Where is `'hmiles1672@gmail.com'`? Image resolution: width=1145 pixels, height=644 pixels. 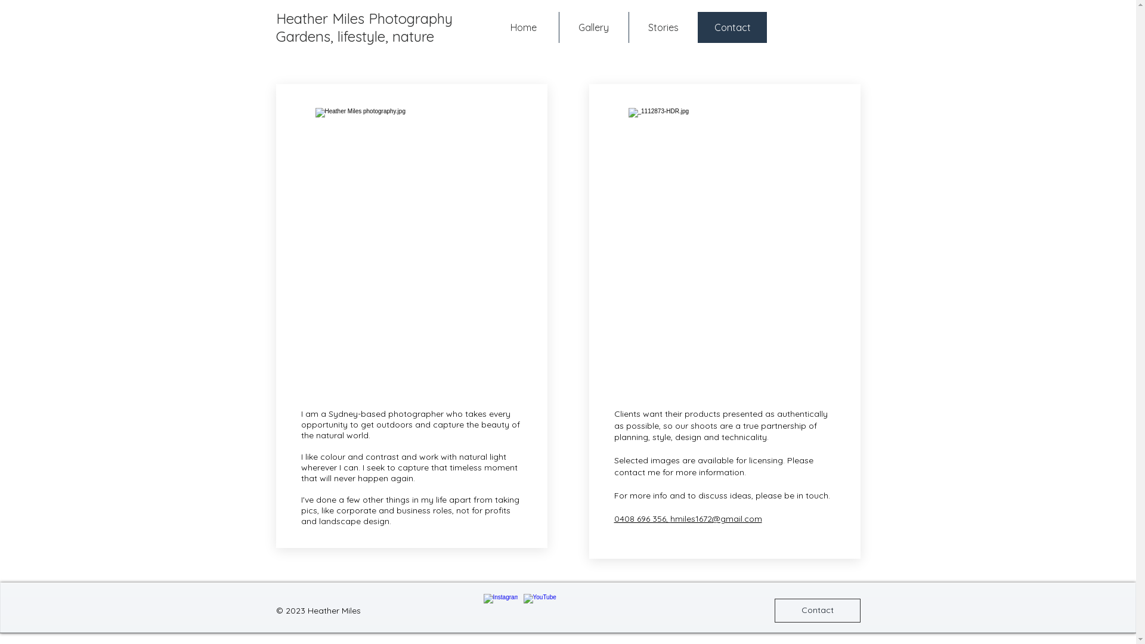 'hmiles1672@gmail.com' is located at coordinates (716, 518).